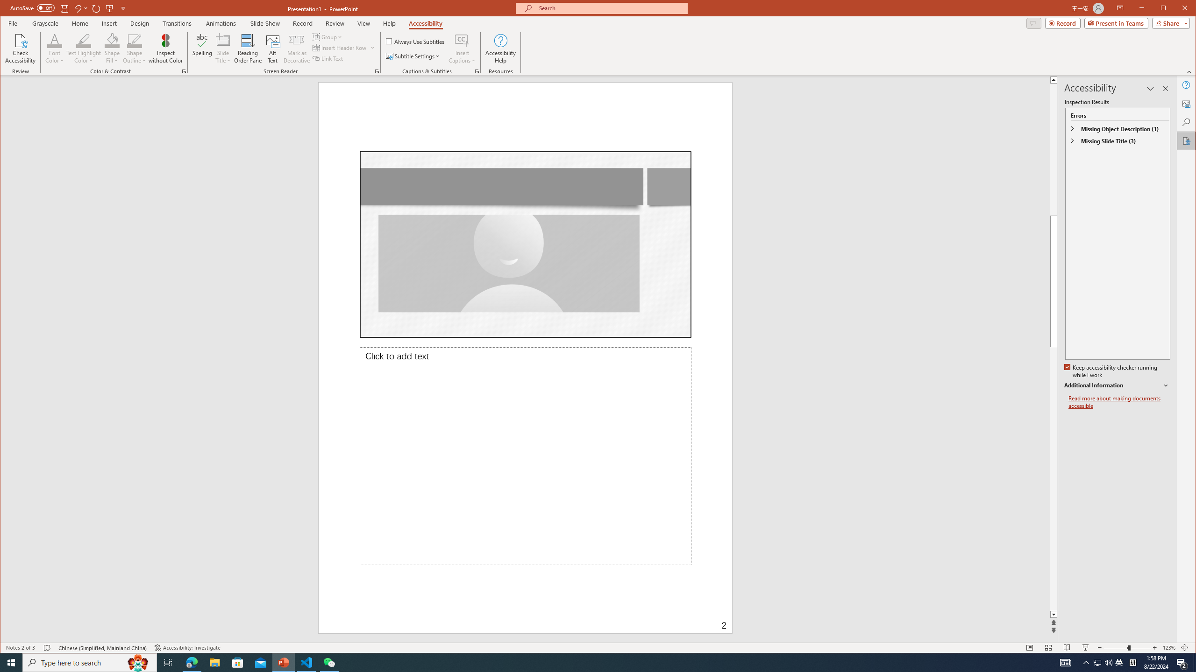  Describe the element at coordinates (1111, 371) in the screenshot. I see `'Keep accessibility checker running while I work'` at that location.